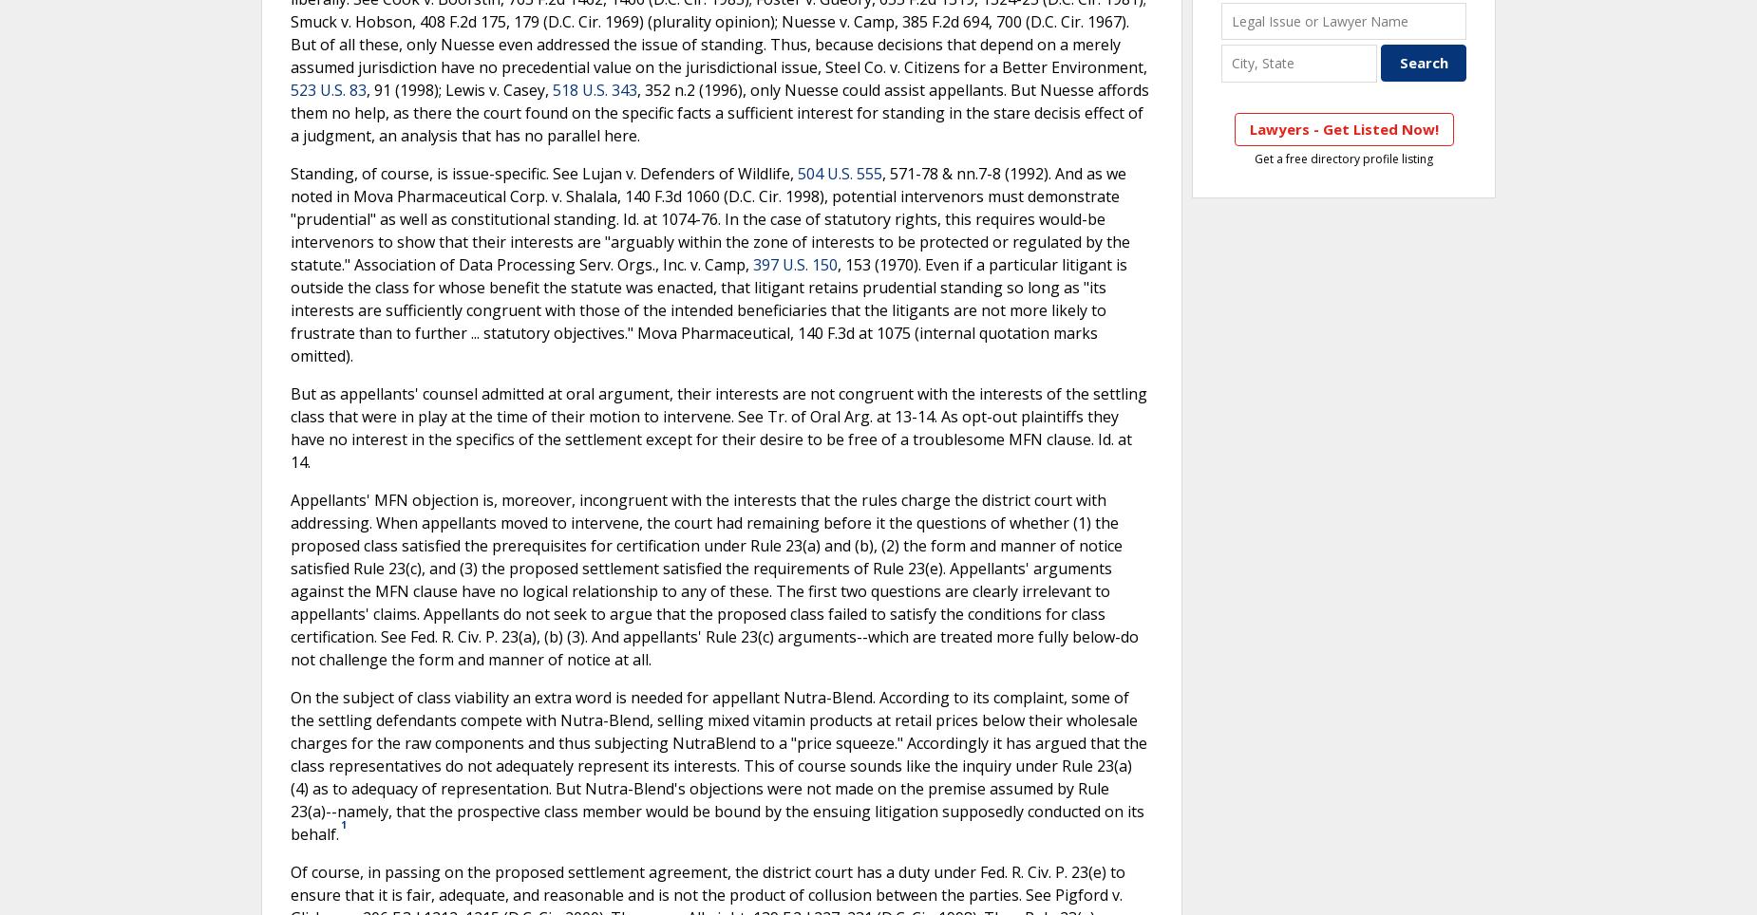 Image resolution: width=1757 pixels, height=915 pixels. Describe the element at coordinates (595, 87) in the screenshot. I see `'518 U.S. 343'` at that location.